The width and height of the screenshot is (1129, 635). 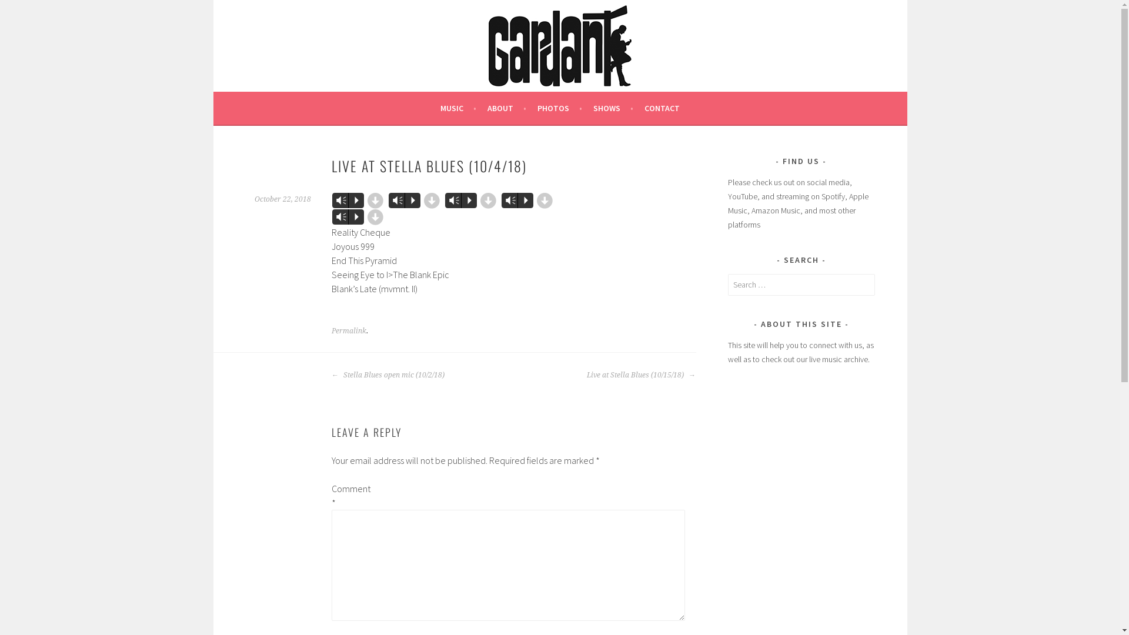 What do you see at coordinates (587, 375) in the screenshot?
I see `'Live at Stella Blues (10/15/18) '` at bounding box center [587, 375].